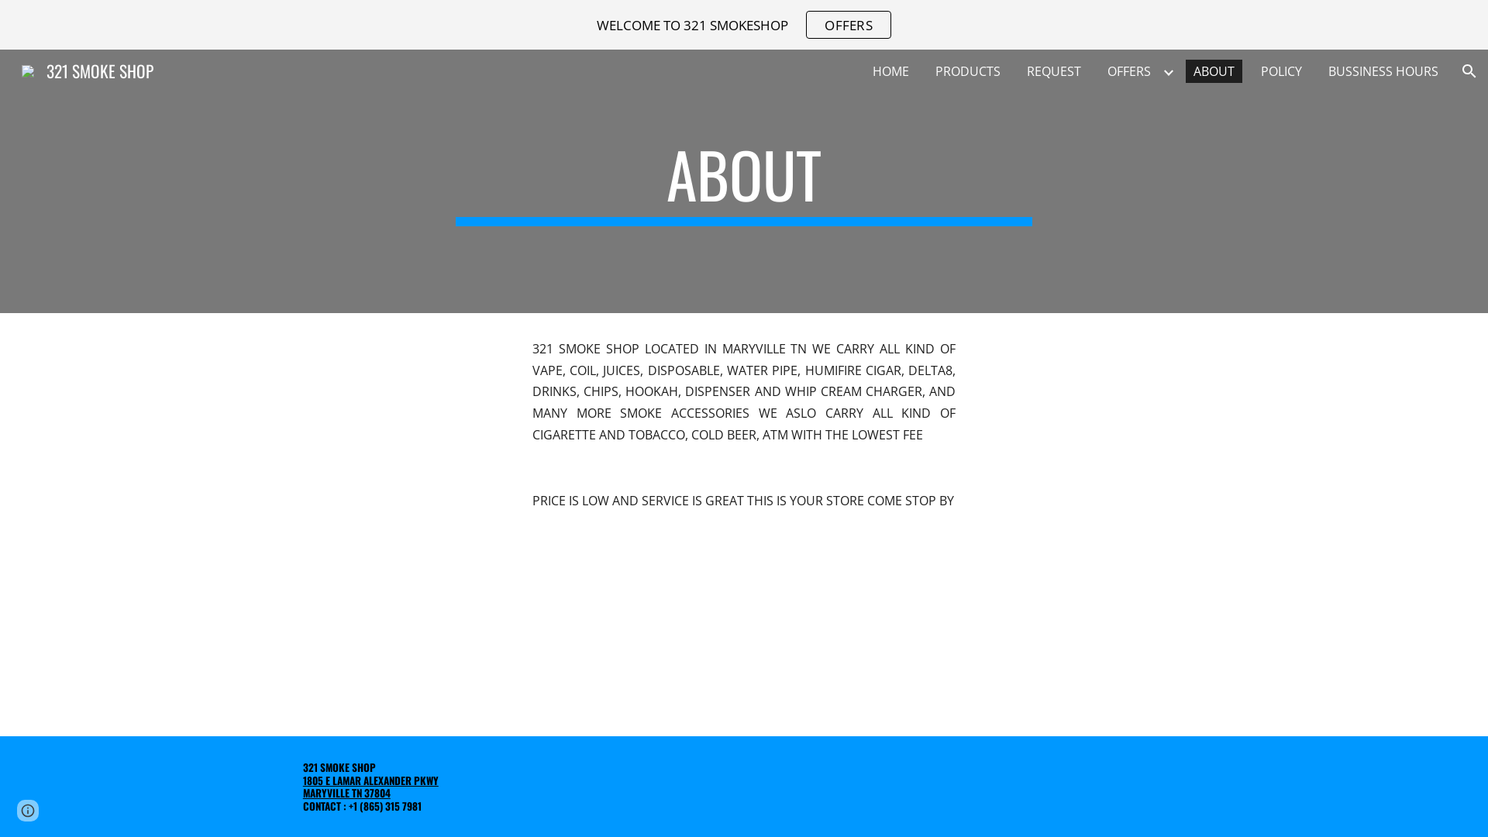 Image resolution: width=1488 pixels, height=837 pixels. Describe the element at coordinates (1281, 71) in the screenshot. I see `'POLICY'` at that location.